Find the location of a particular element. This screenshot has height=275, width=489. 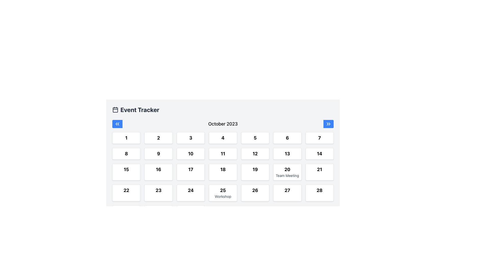

the bold text displaying the number '4' in the first row and fourth column of the calendar grid, which is within a white rectangular cell with rounded edges is located at coordinates (223, 138).